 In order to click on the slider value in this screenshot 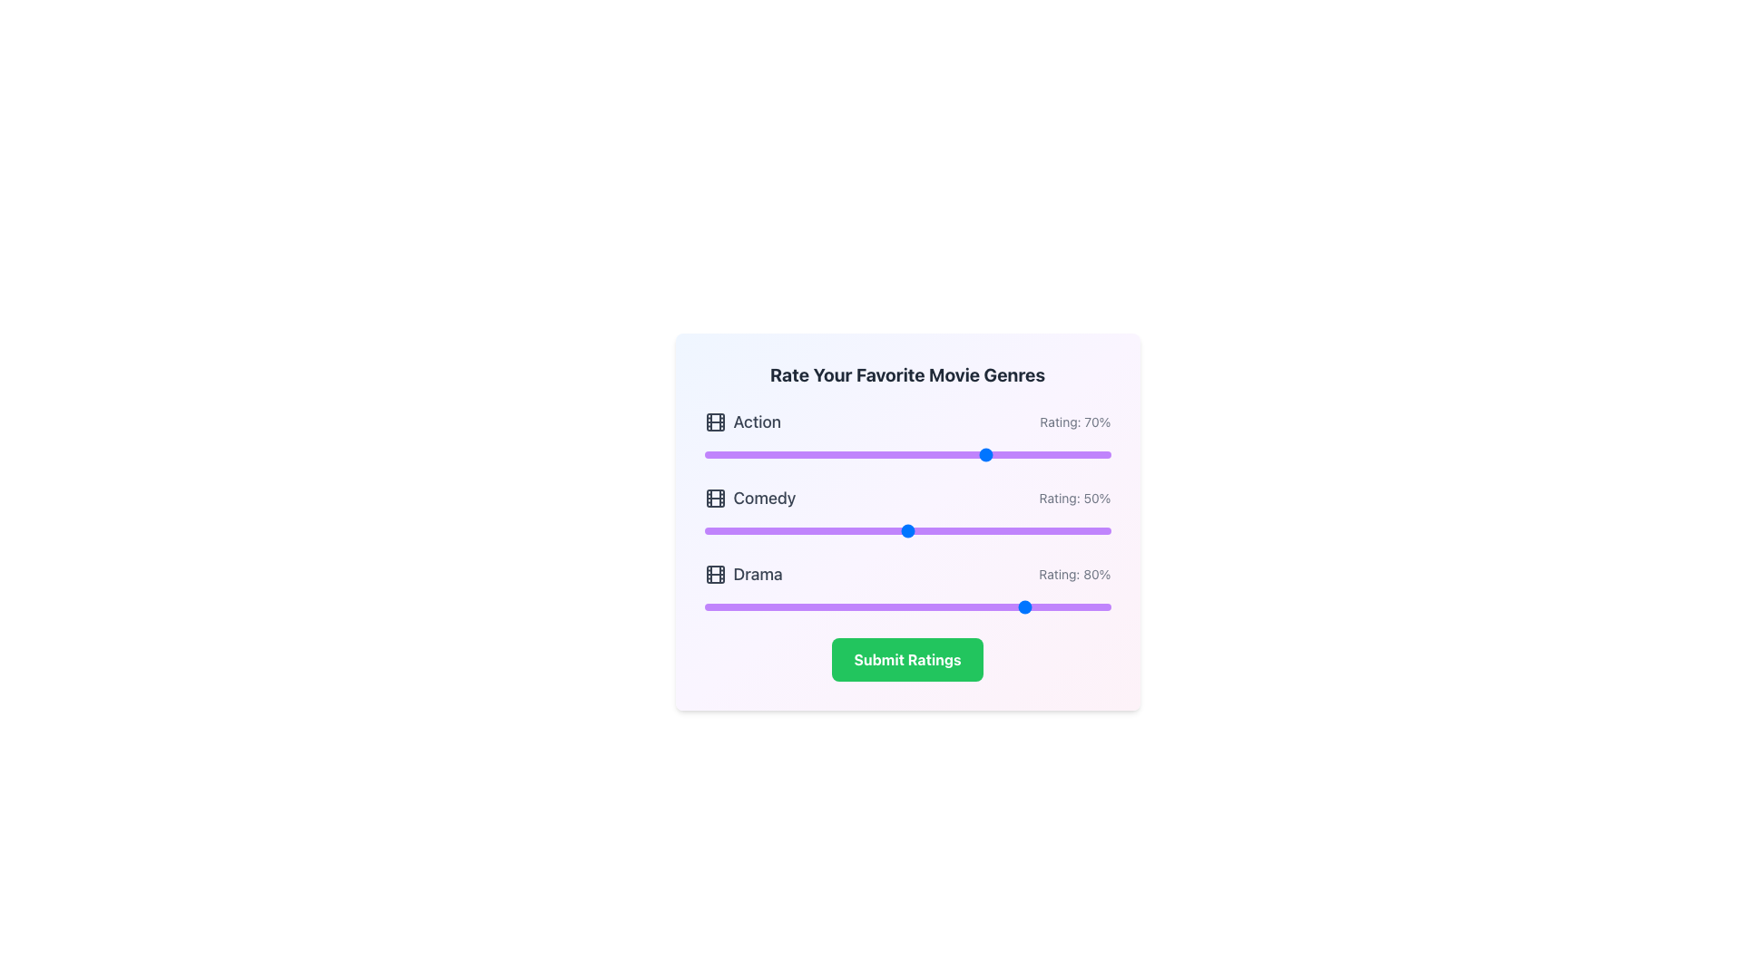, I will do `click(769, 607)`.